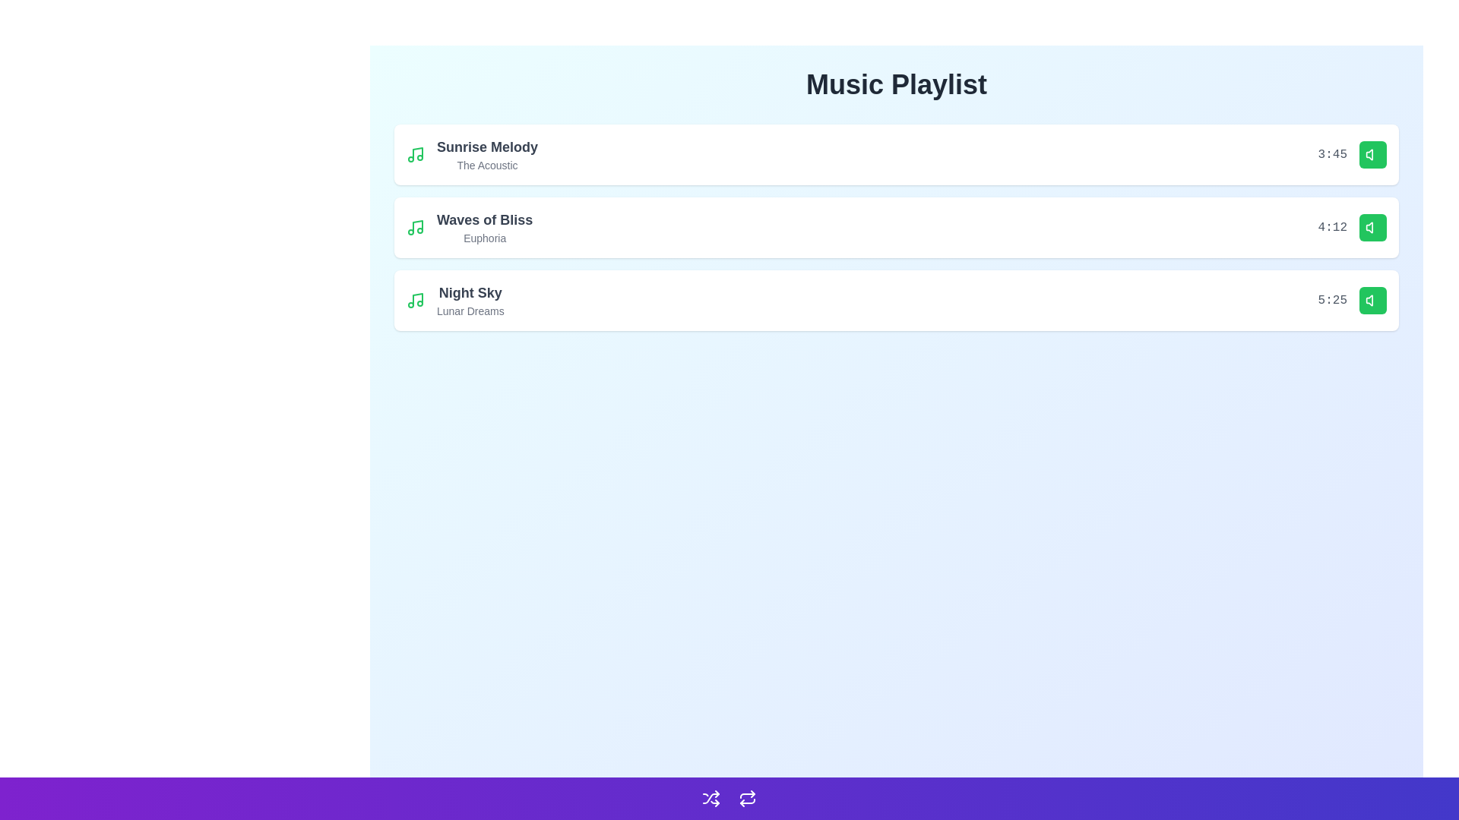  Describe the element at coordinates (1372, 228) in the screenshot. I see `the volume control icon for the 'Waves of Bliss' track` at that location.